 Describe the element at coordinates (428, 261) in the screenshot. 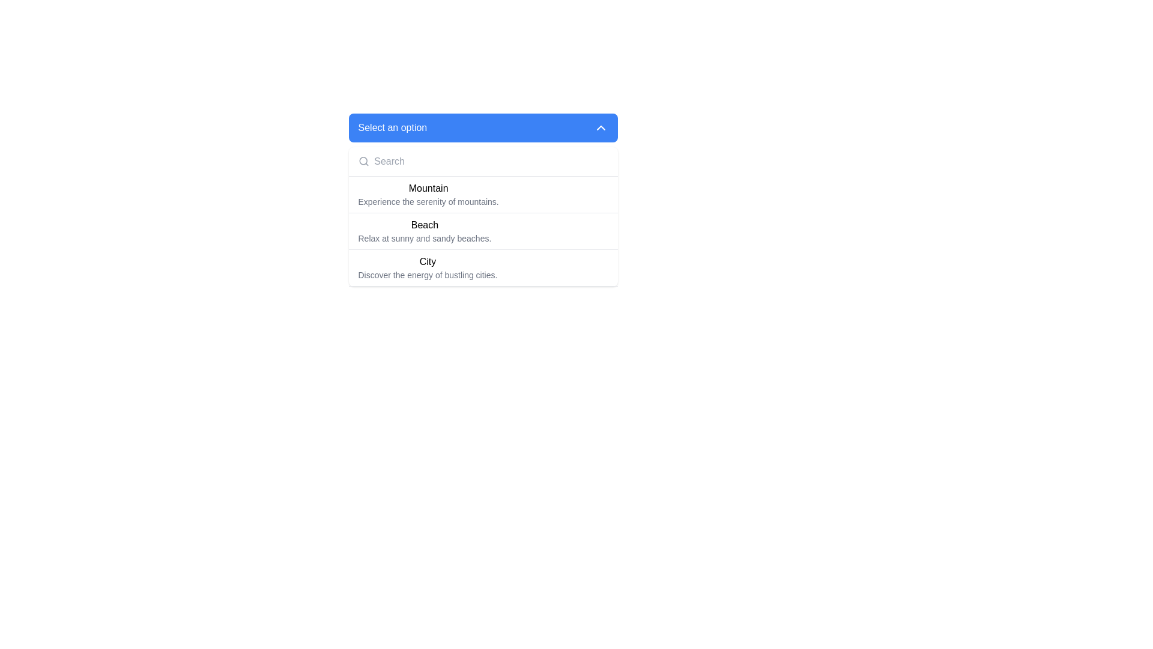

I see `the text label displaying the title of the city-related option in the dropdown menu, which is the third item under the 'Select an option' header` at that location.